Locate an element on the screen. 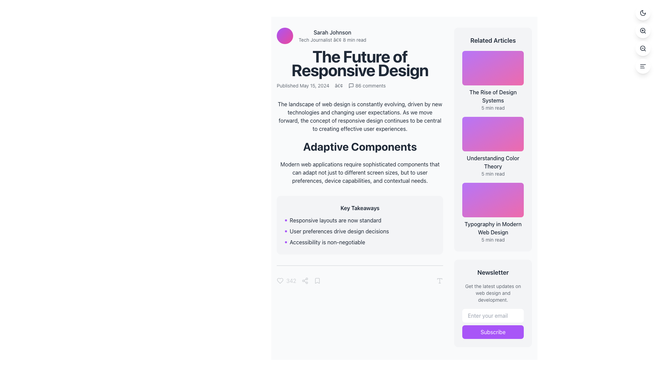 The width and height of the screenshot is (656, 369). the third bullet point in the 'Key Takeaways' list that reads 'Accessibility is non-negotiable', which is indicated by a small purple circular dot to its left is located at coordinates (359, 242).